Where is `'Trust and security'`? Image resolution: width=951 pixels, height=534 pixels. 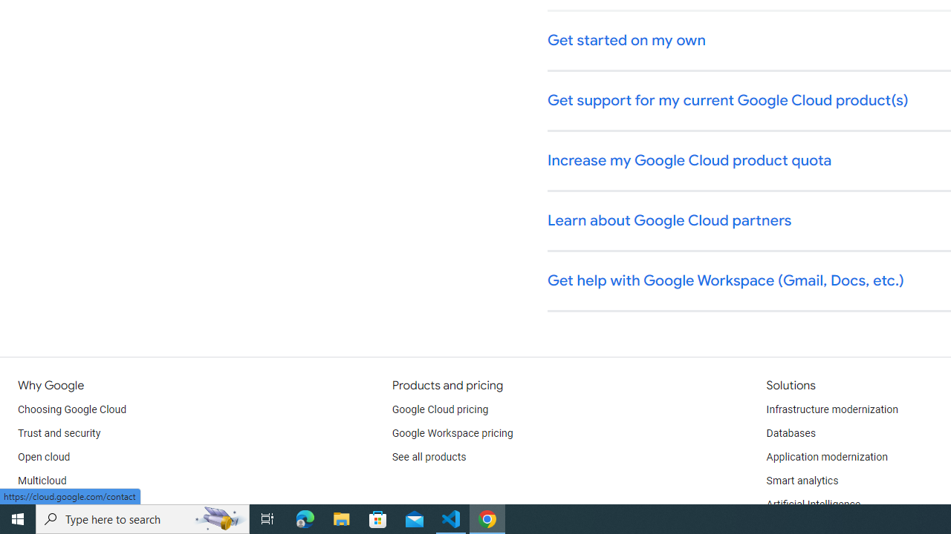 'Trust and security' is located at coordinates (59, 434).